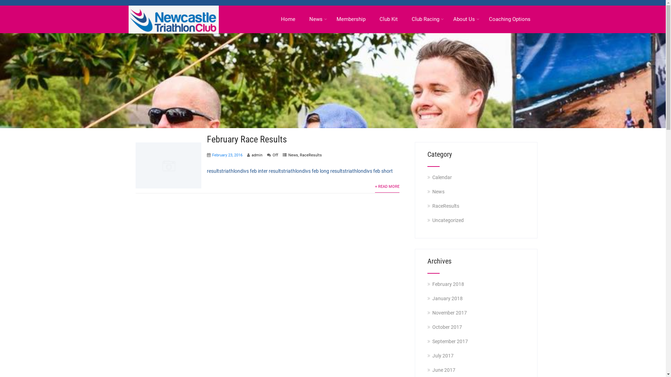  What do you see at coordinates (288, 19) in the screenshot?
I see `'Home'` at bounding box center [288, 19].